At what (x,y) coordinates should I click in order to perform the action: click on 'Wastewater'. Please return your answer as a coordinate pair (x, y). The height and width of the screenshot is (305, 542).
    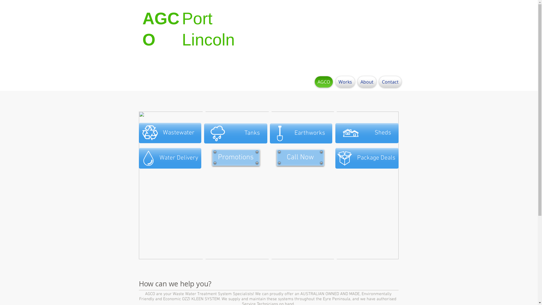
    Looking at the image, I should click on (170, 133).